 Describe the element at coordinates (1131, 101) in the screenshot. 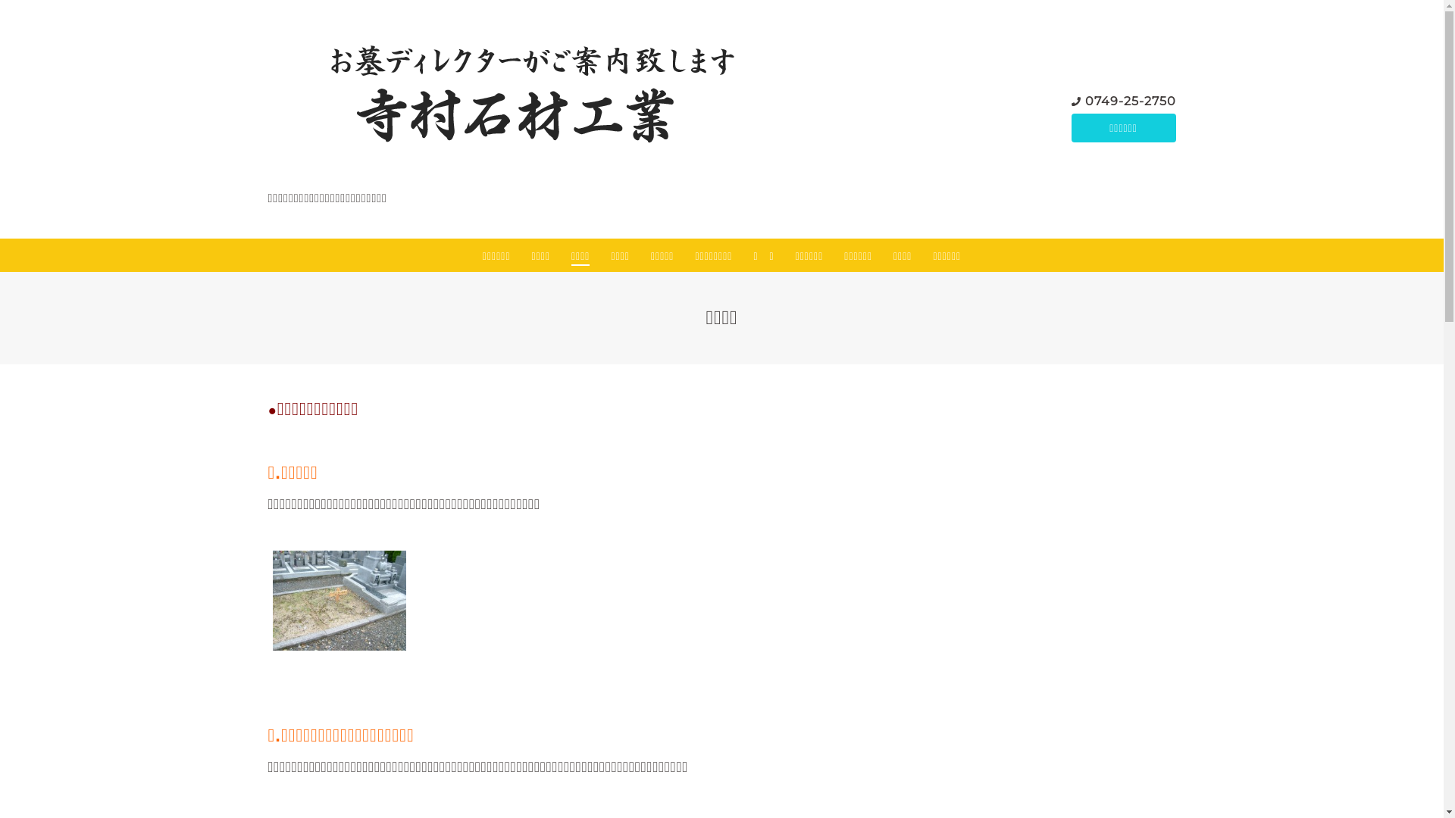

I see `'0749-25-2750'` at that location.